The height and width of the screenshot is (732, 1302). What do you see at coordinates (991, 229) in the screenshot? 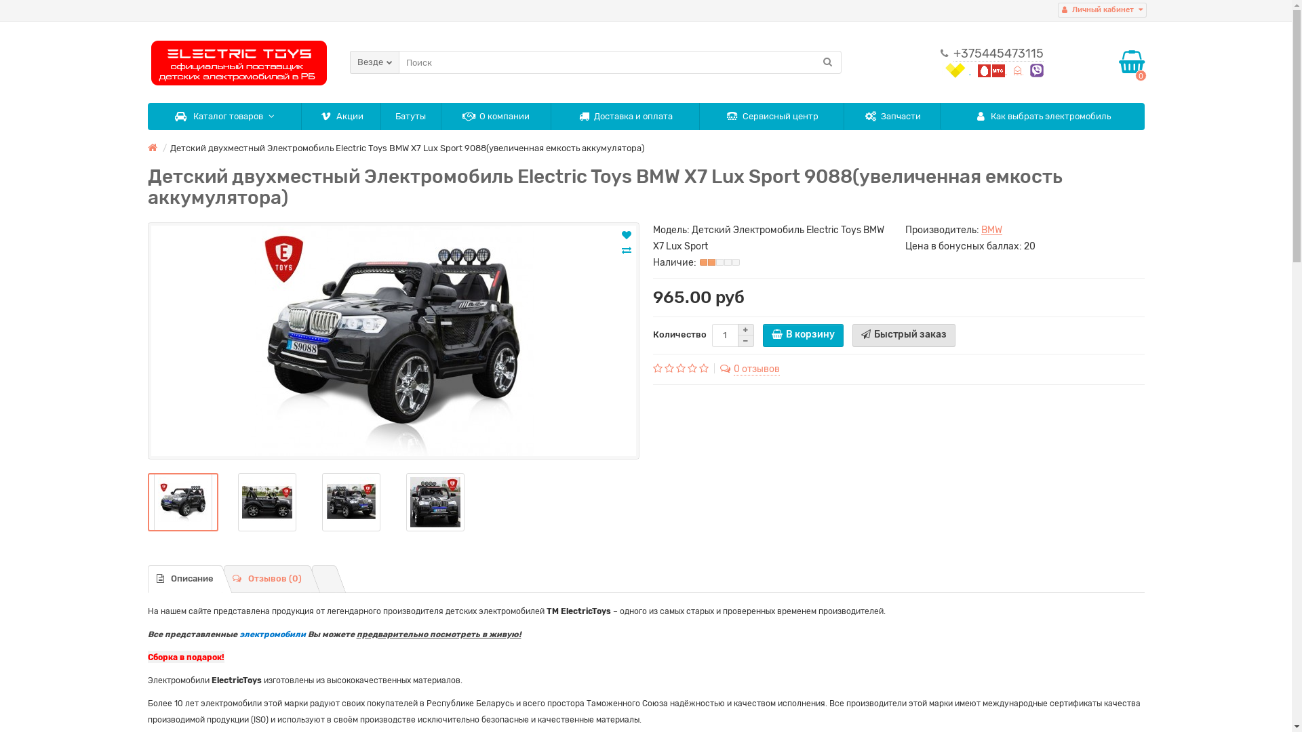
I see `'BMW'` at bounding box center [991, 229].